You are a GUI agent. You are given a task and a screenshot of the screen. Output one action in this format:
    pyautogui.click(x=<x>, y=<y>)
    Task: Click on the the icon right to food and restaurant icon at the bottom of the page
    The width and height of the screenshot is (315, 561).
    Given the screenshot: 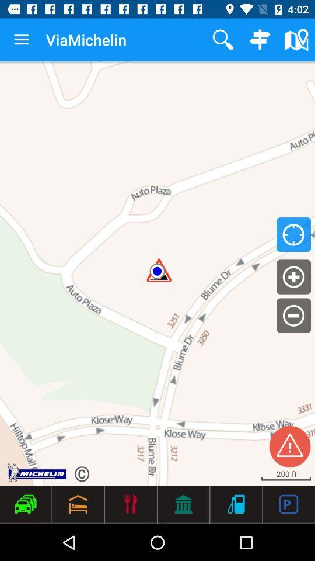 What is the action you would take?
    pyautogui.click(x=183, y=503)
    